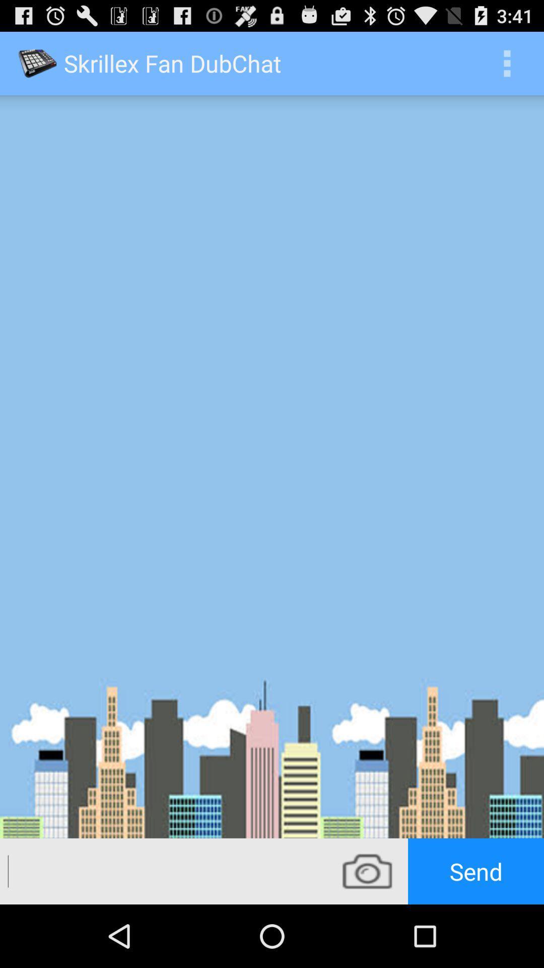 This screenshot has height=968, width=544. I want to click on take photo, so click(367, 871).